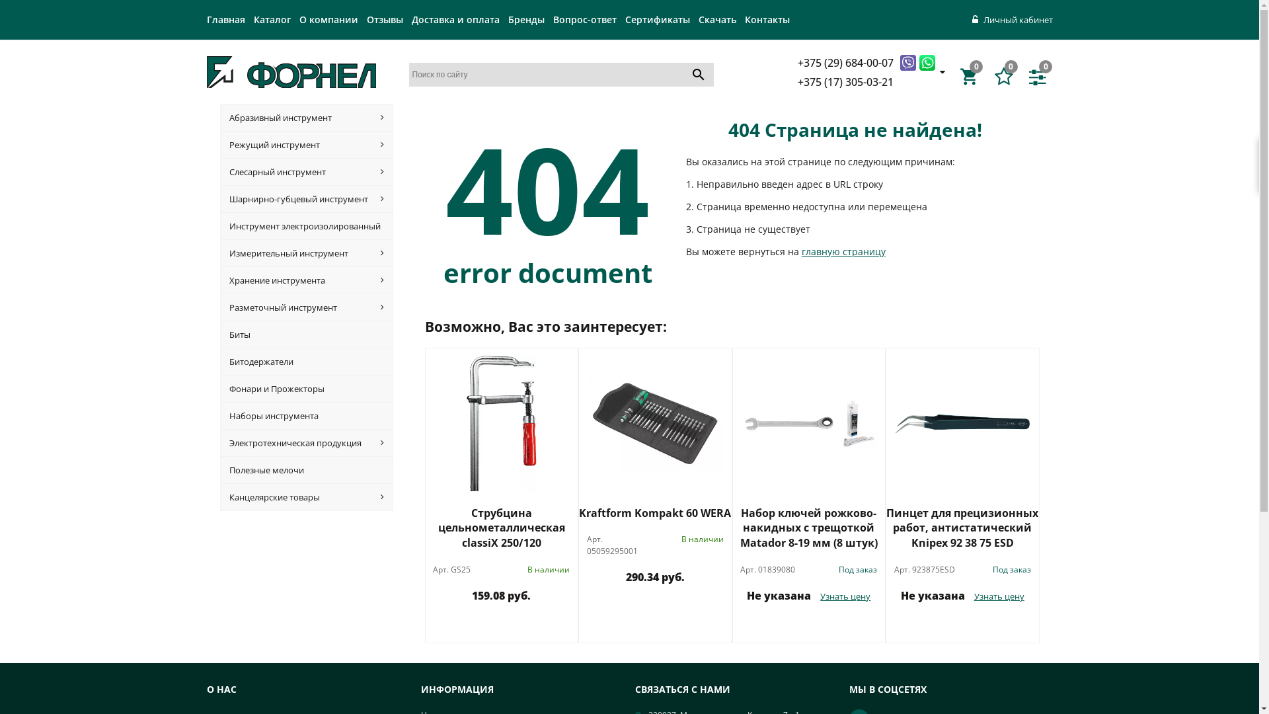  I want to click on 'search', so click(697, 73).